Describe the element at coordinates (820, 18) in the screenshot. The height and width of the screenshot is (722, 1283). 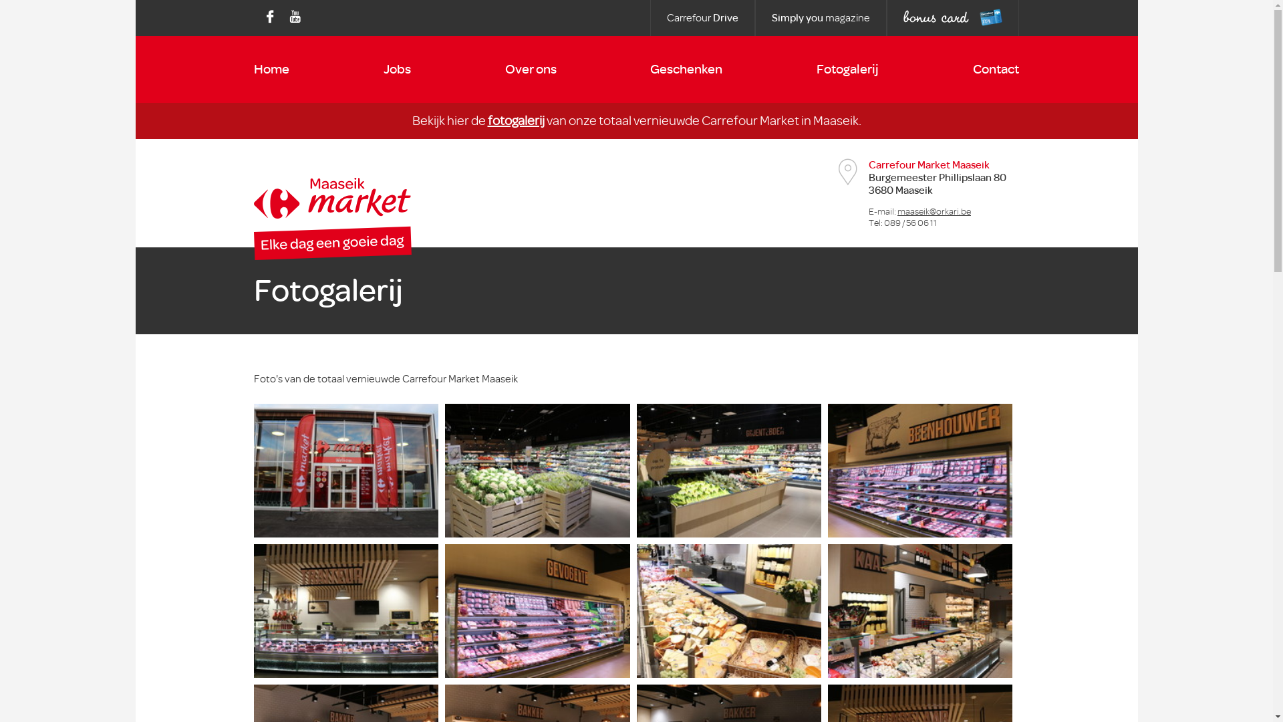
I see `'Simply you magazine'` at that location.